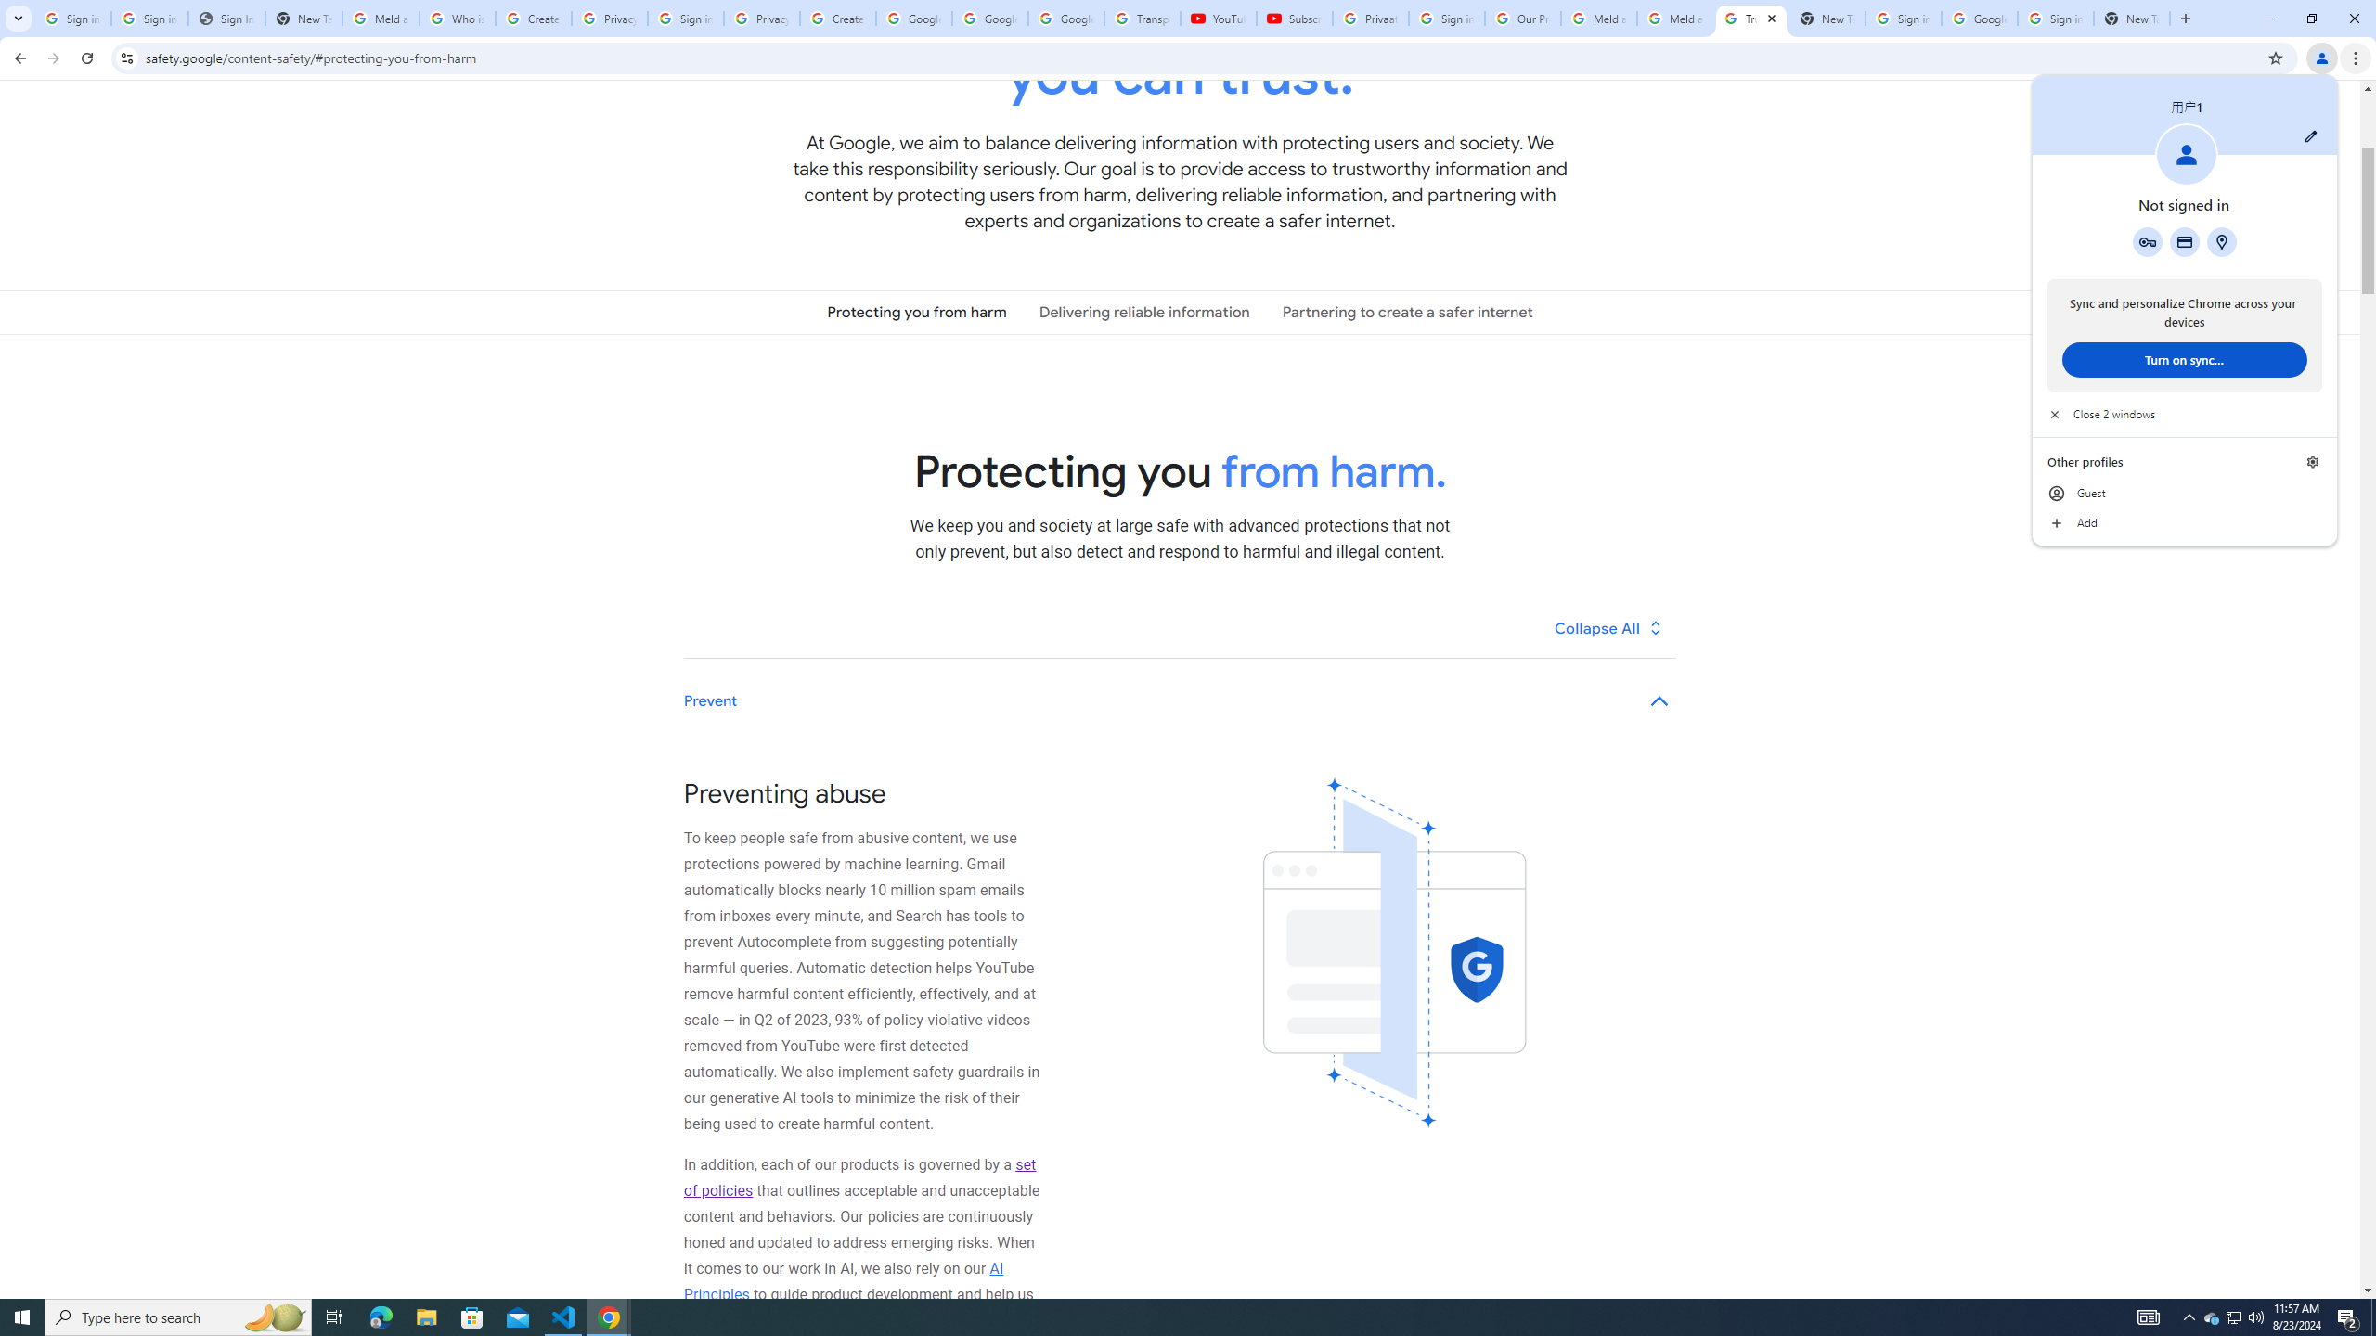 The width and height of the screenshot is (2376, 1336). I want to click on 'Notification Chevron', so click(2189, 1316).